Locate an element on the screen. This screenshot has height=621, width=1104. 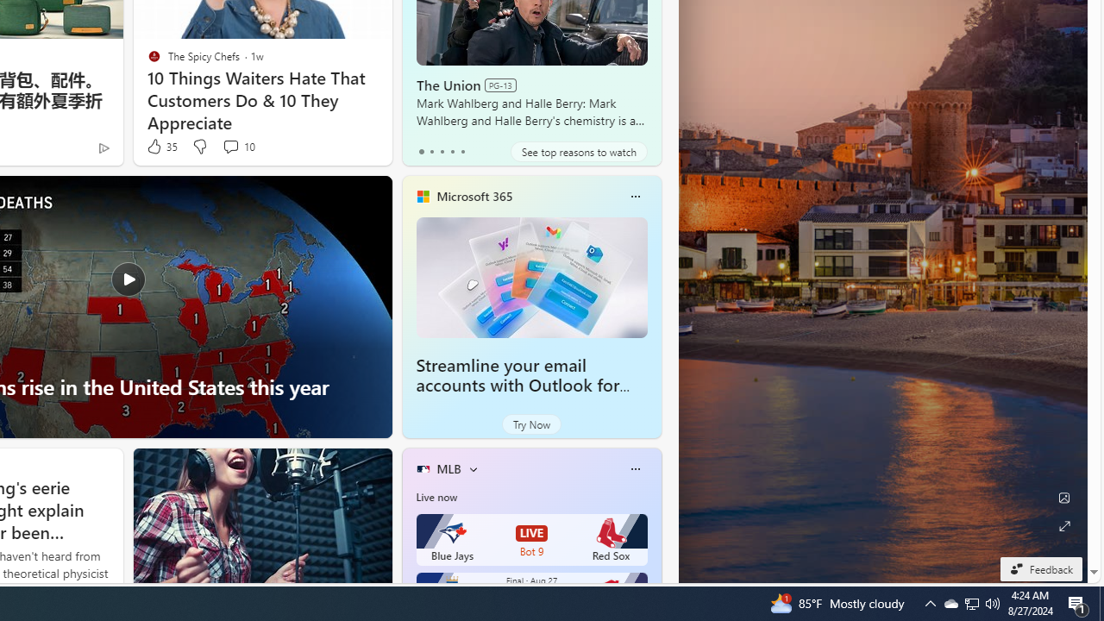
'35 Like' is located at coordinates (160, 146).